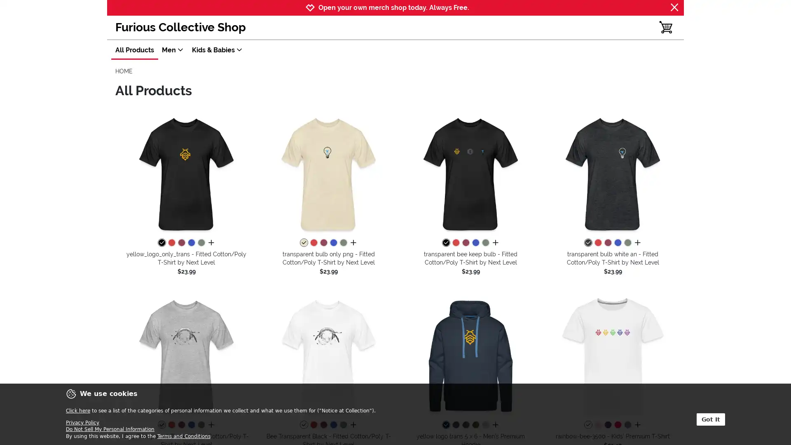 This screenshot has height=445, width=791. What do you see at coordinates (617, 243) in the screenshot?
I see `heather royal` at bounding box center [617, 243].